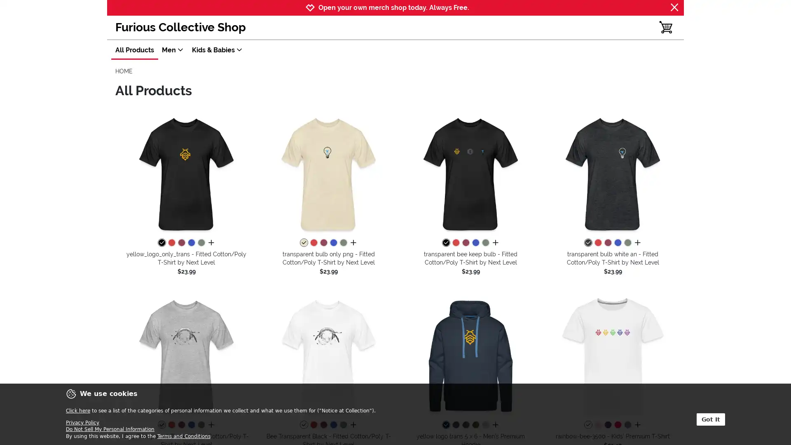 This screenshot has height=445, width=791. What do you see at coordinates (617, 243) in the screenshot?
I see `heather royal` at bounding box center [617, 243].